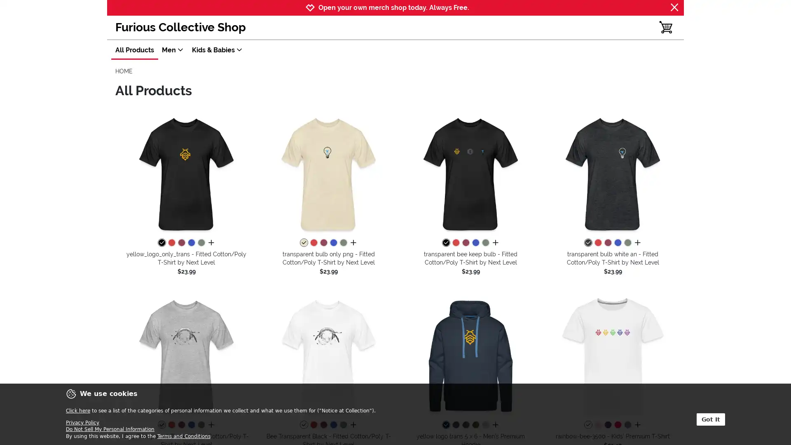 This screenshot has height=445, width=791. What do you see at coordinates (617, 243) in the screenshot?
I see `heather royal` at bounding box center [617, 243].